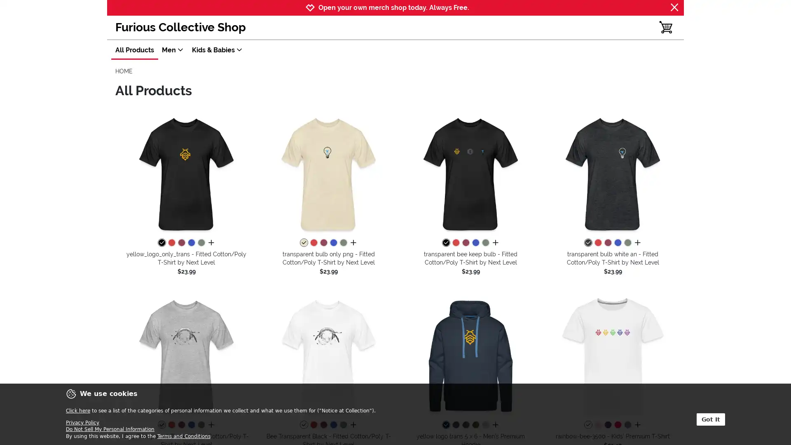 This screenshot has height=445, width=791. What do you see at coordinates (617, 243) in the screenshot?
I see `heather royal` at bounding box center [617, 243].